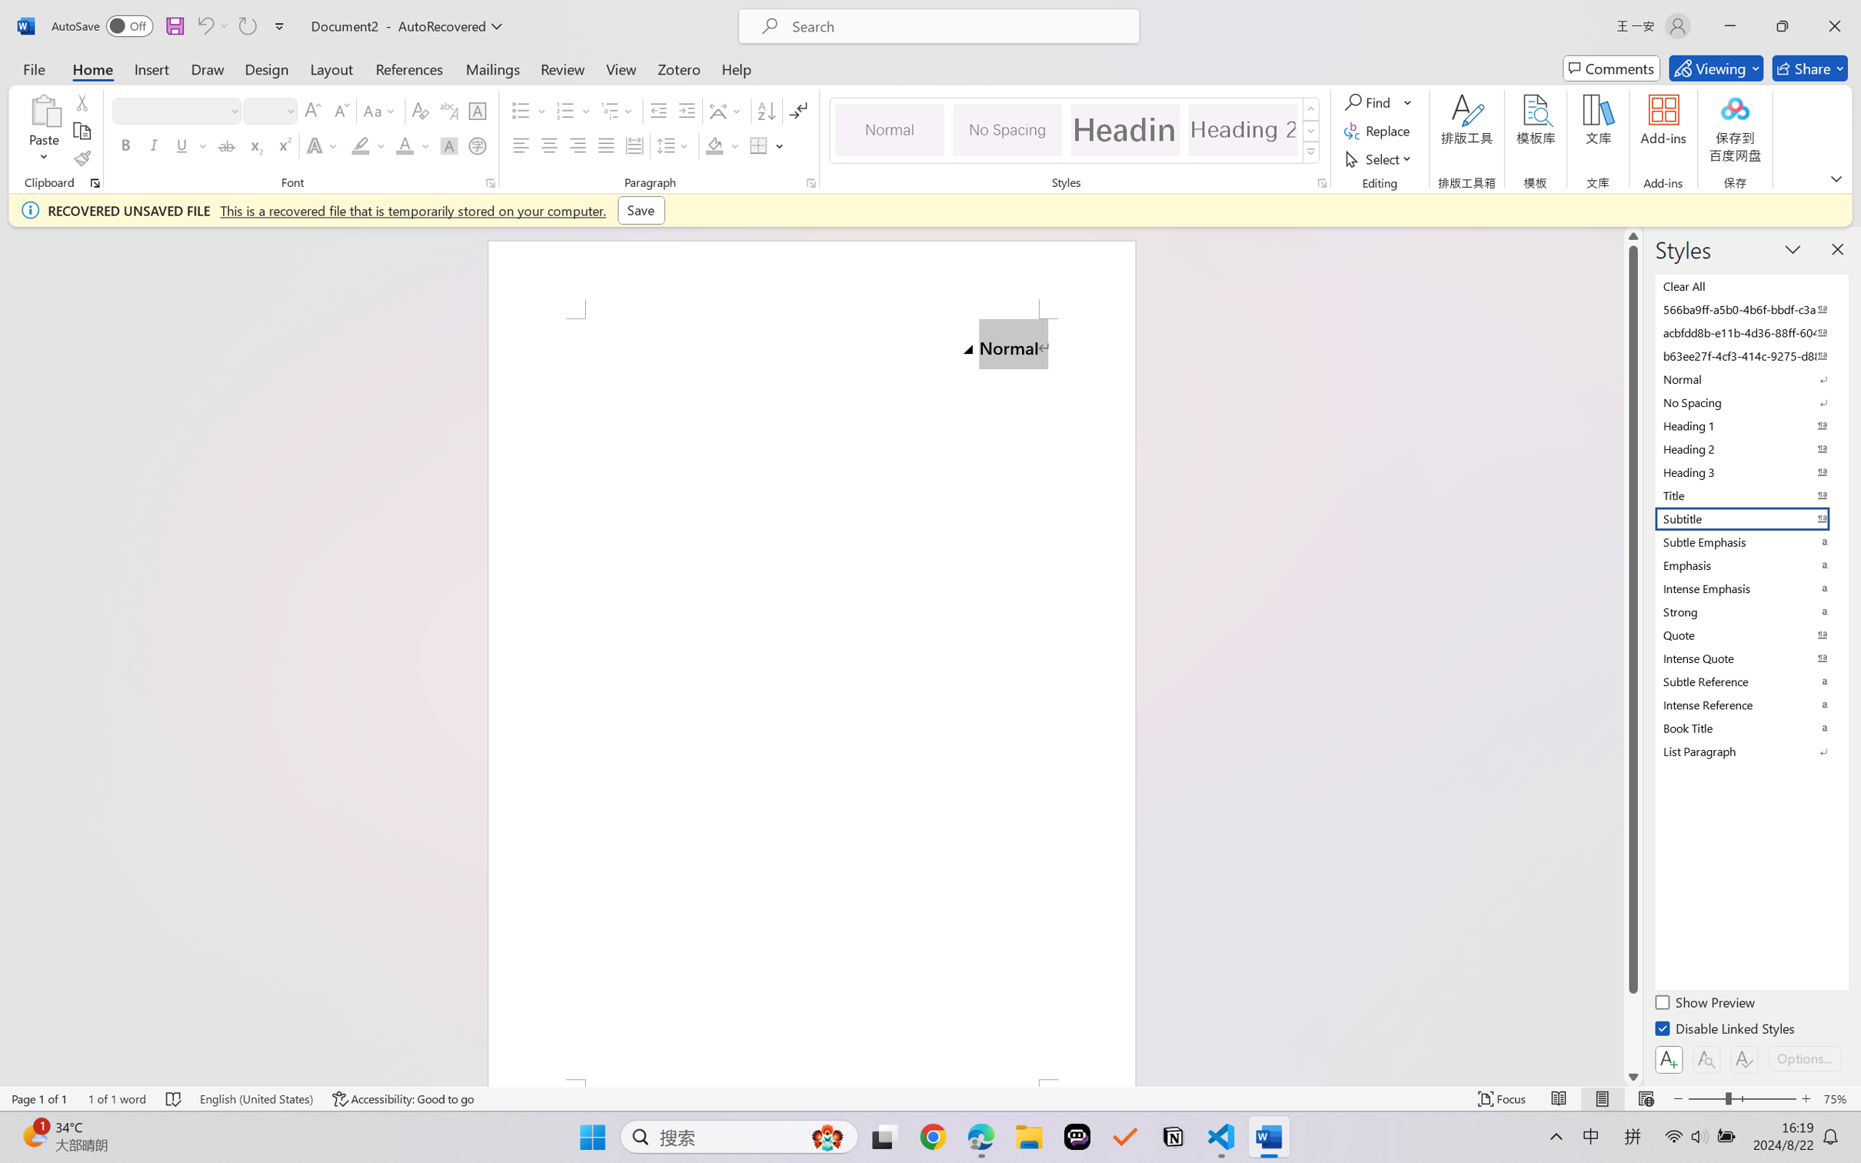 The height and width of the screenshot is (1163, 1861). Describe the element at coordinates (419, 111) in the screenshot. I see `'Clear Formatting'` at that location.